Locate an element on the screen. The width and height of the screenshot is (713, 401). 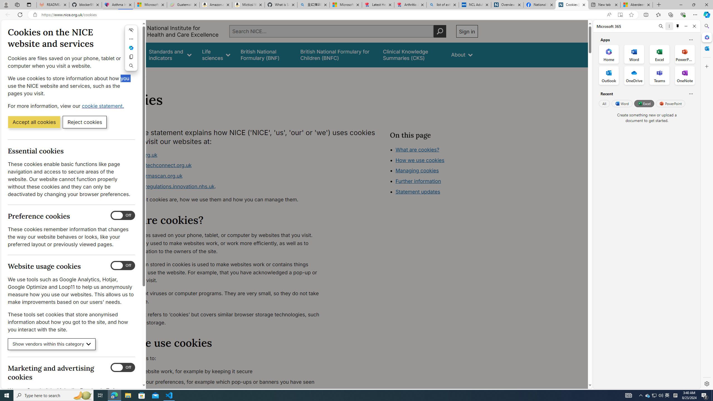
'PowerPoint Office App' is located at coordinates (685, 54).